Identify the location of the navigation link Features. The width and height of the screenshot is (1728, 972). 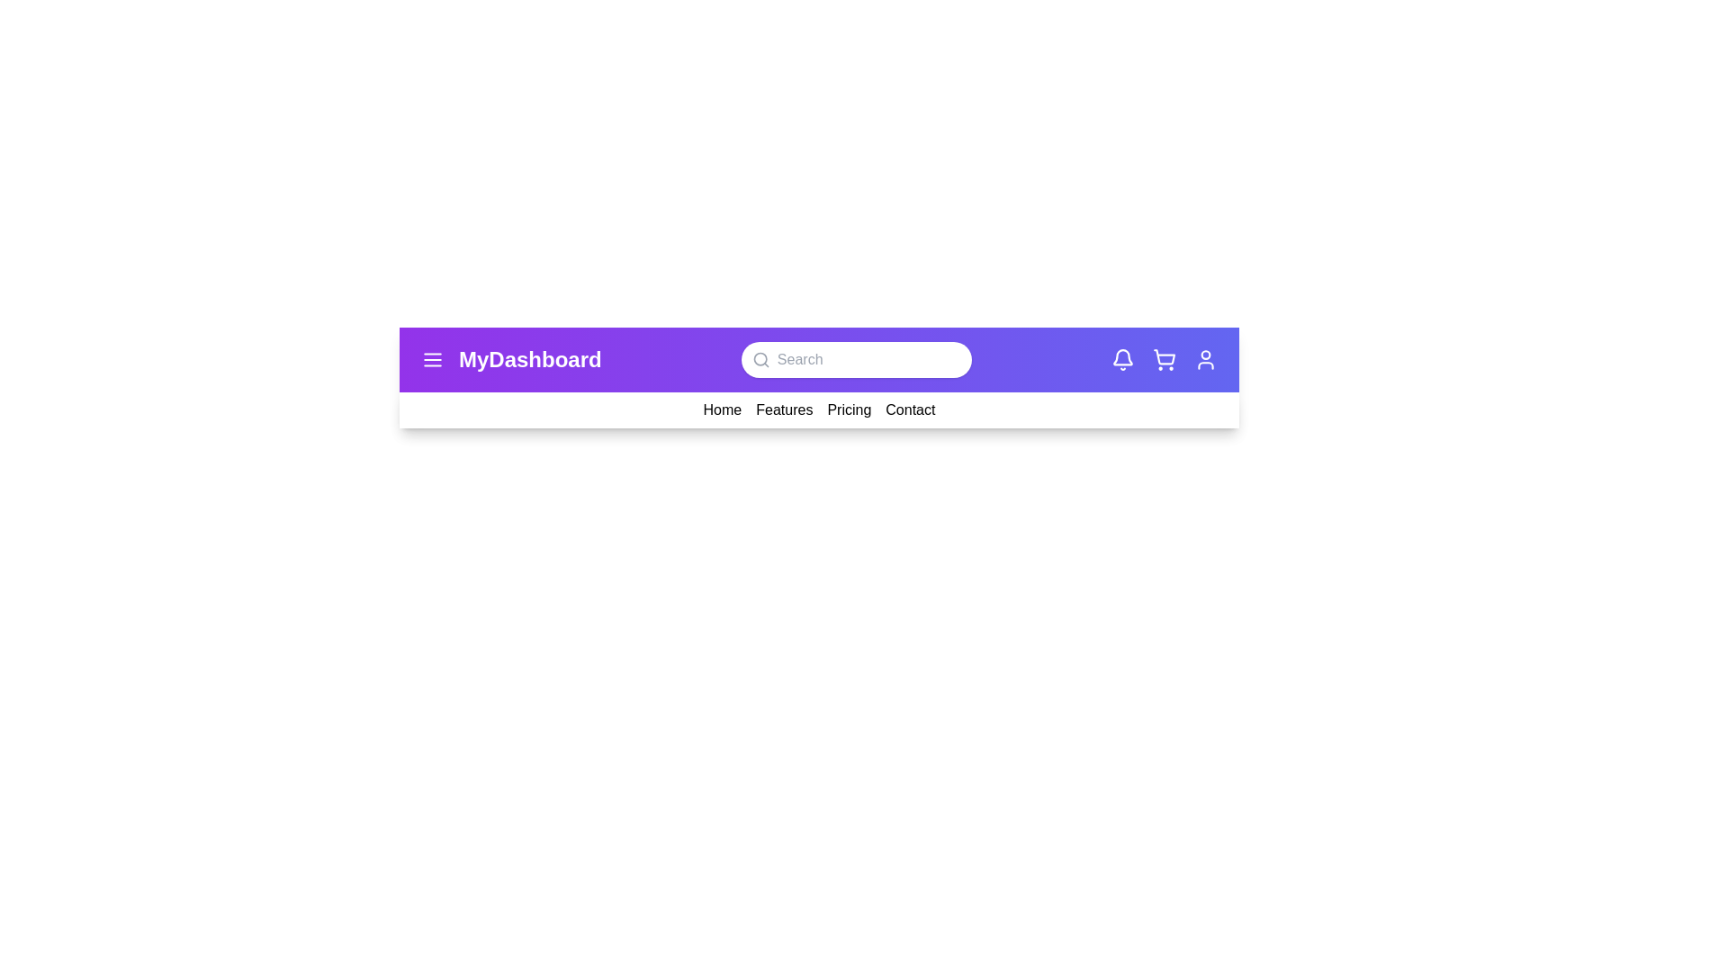
(784, 409).